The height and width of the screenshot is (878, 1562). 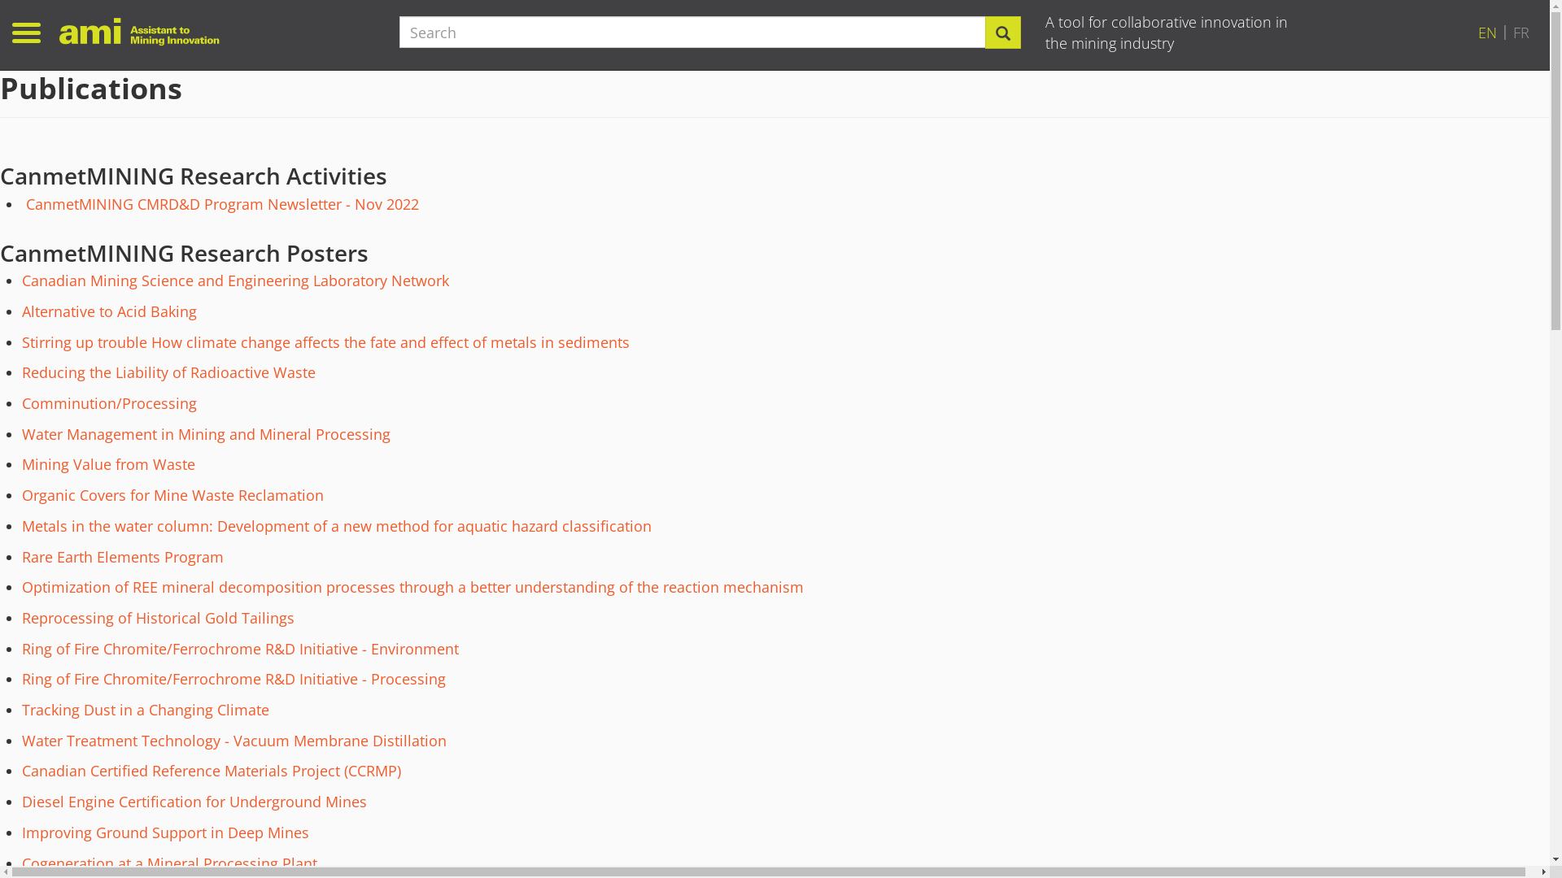 What do you see at coordinates (172, 494) in the screenshot?
I see `'Organic Covers for Mine Waste Reclamation'` at bounding box center [172, 494].